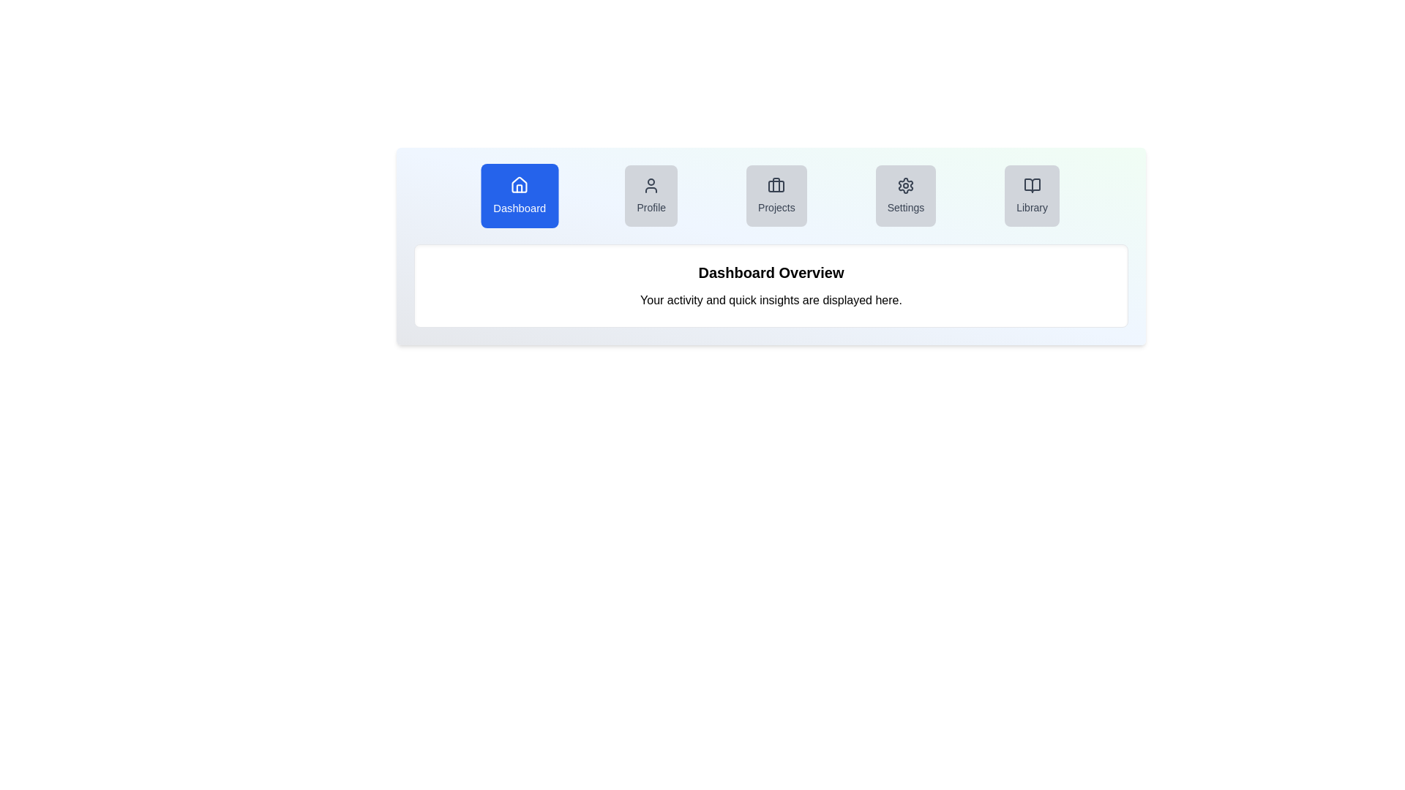 The image size is (1405, 790). Describe the element at coordinates (651, 195) in the screenshot. I see `the 'Profile' navigation button, which is the second button in a set of five buttons located in the central part of the header` at that location.